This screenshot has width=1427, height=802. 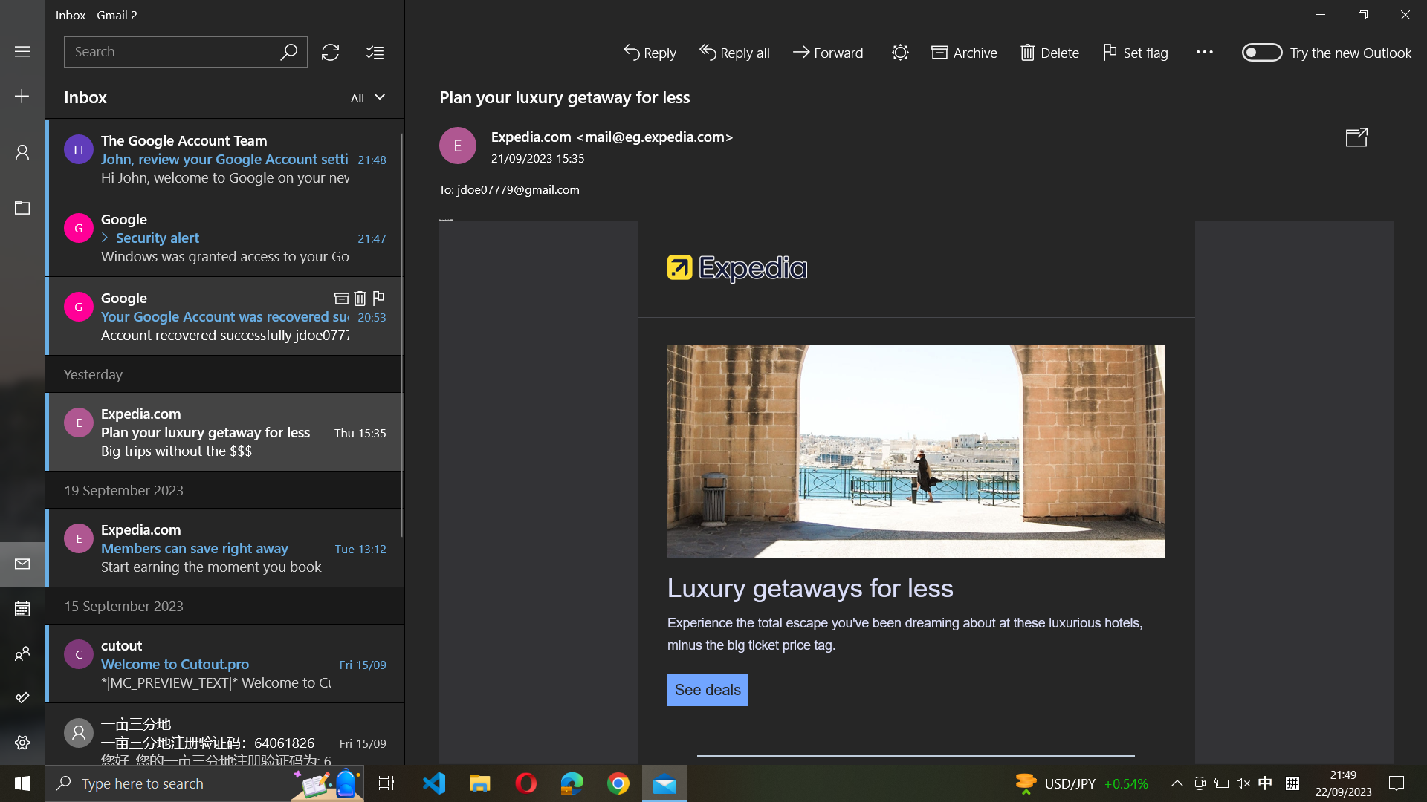 I want to click on View the specifics of the present email, so click(x=707, y=688).